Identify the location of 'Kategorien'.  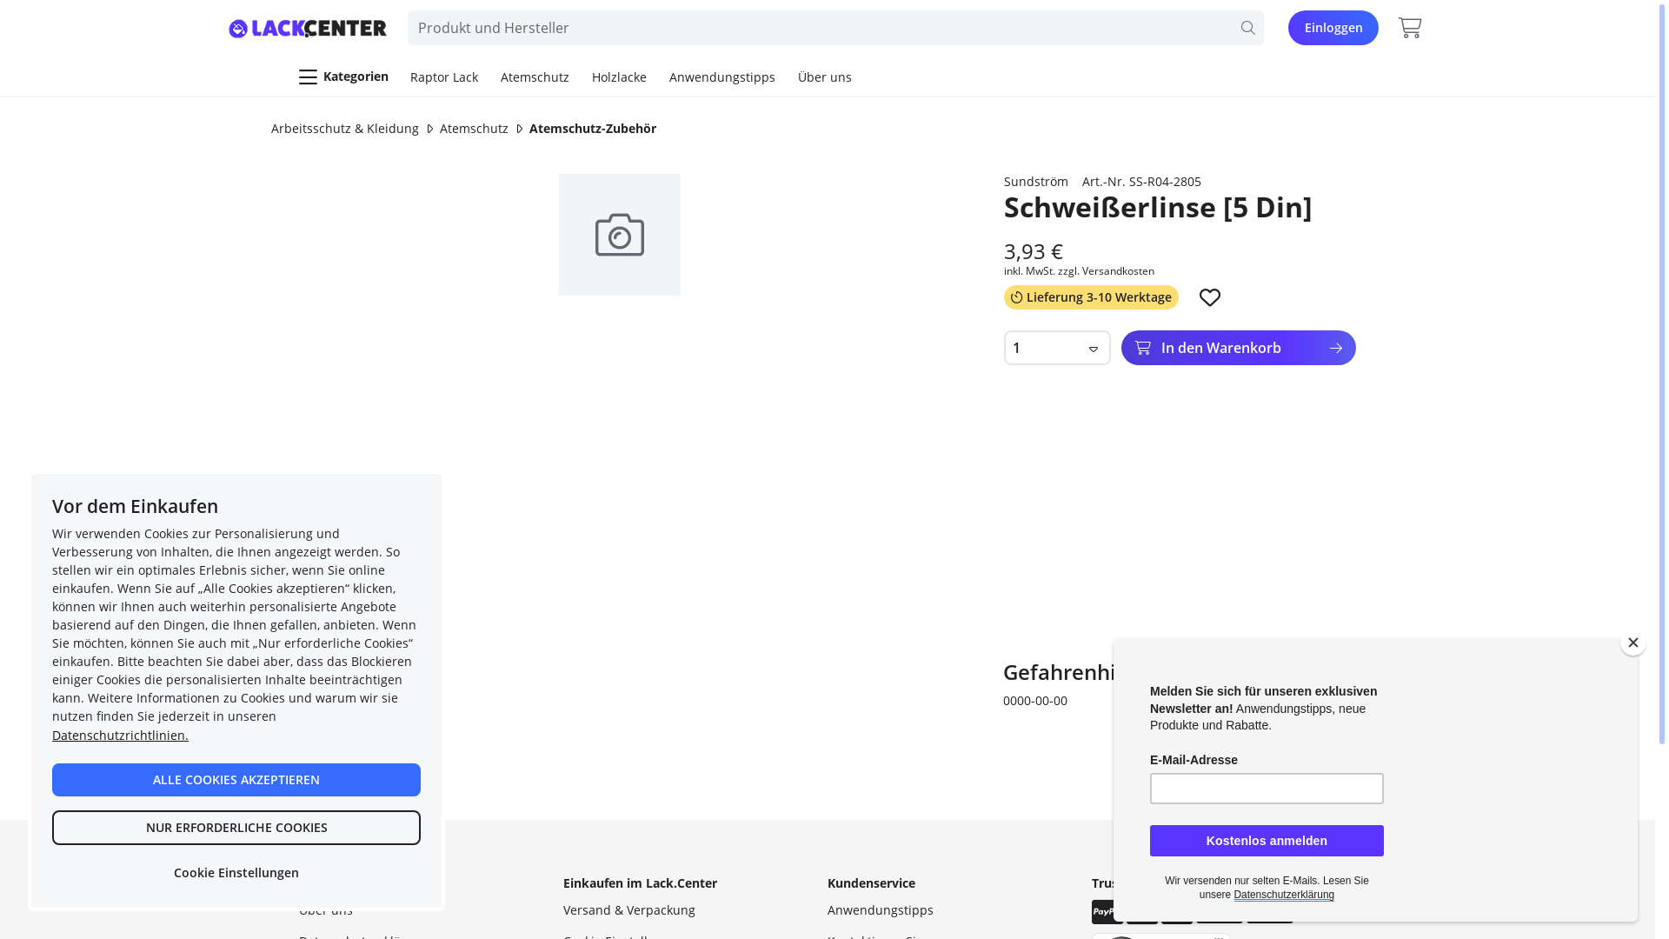
(292, 76).